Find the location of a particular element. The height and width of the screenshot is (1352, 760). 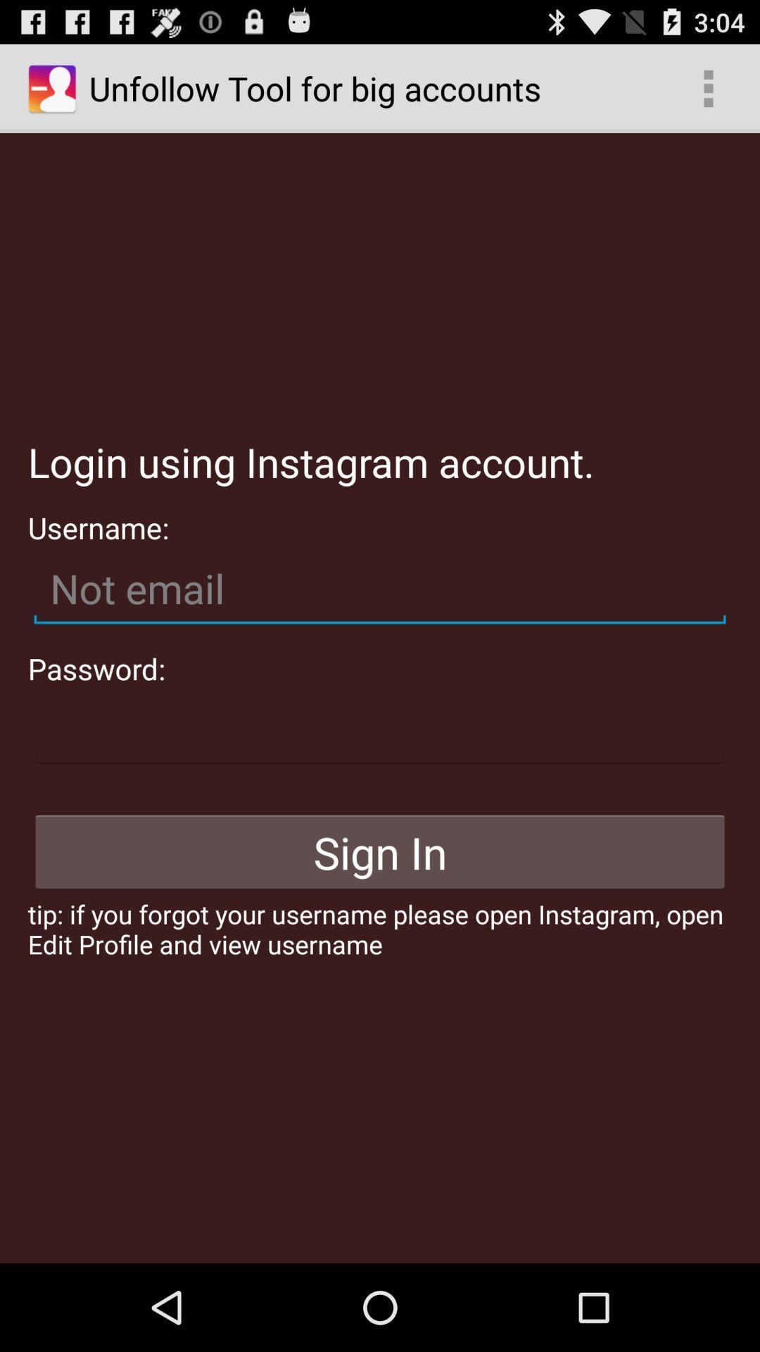

username to log in is located at coordinates (380, 589).